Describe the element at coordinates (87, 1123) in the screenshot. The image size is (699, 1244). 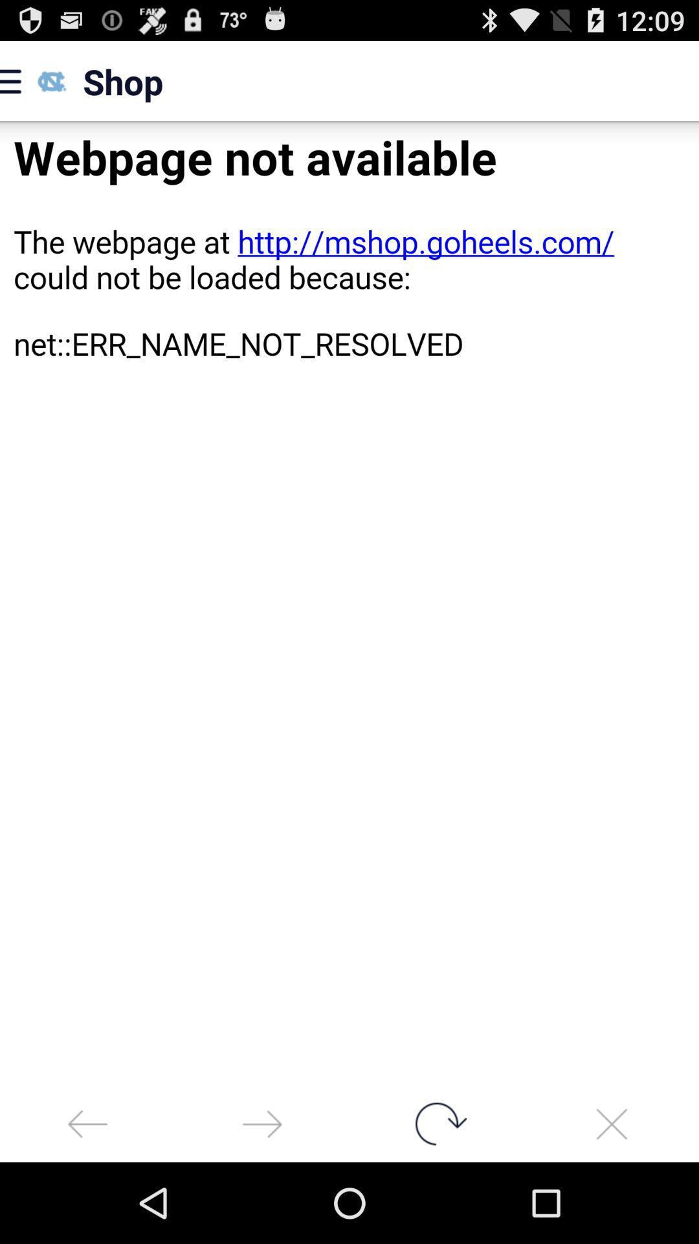
I see `back` at that location.